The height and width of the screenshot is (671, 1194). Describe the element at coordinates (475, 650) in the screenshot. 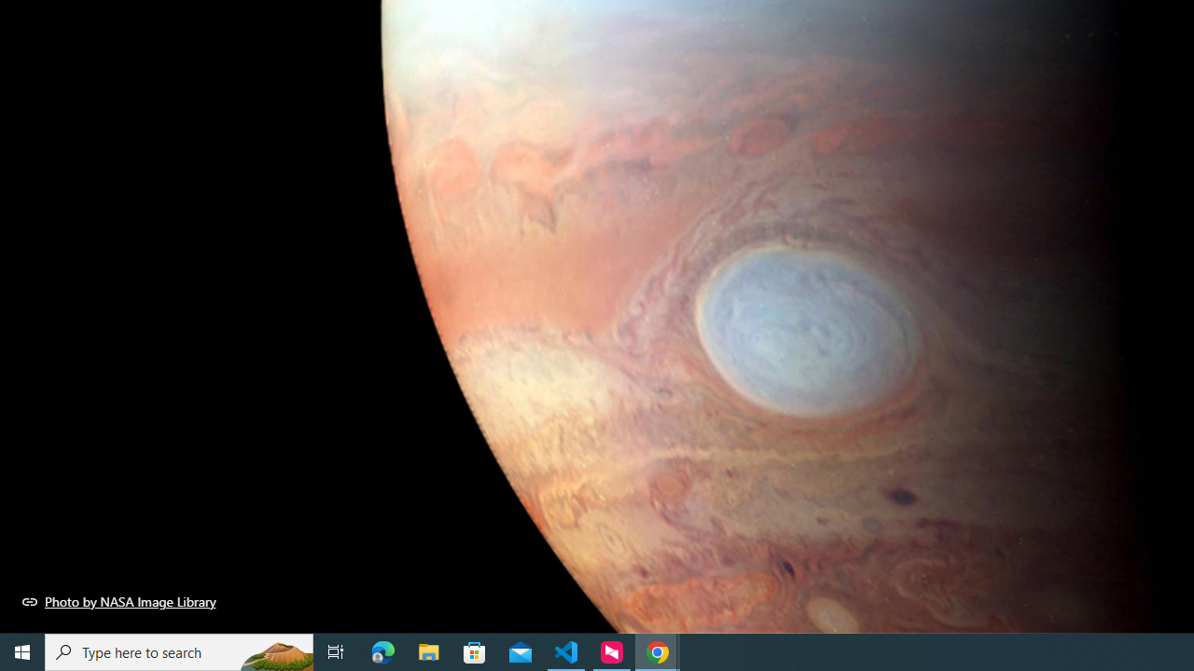

I see `'Microsoft Store'` at that location.